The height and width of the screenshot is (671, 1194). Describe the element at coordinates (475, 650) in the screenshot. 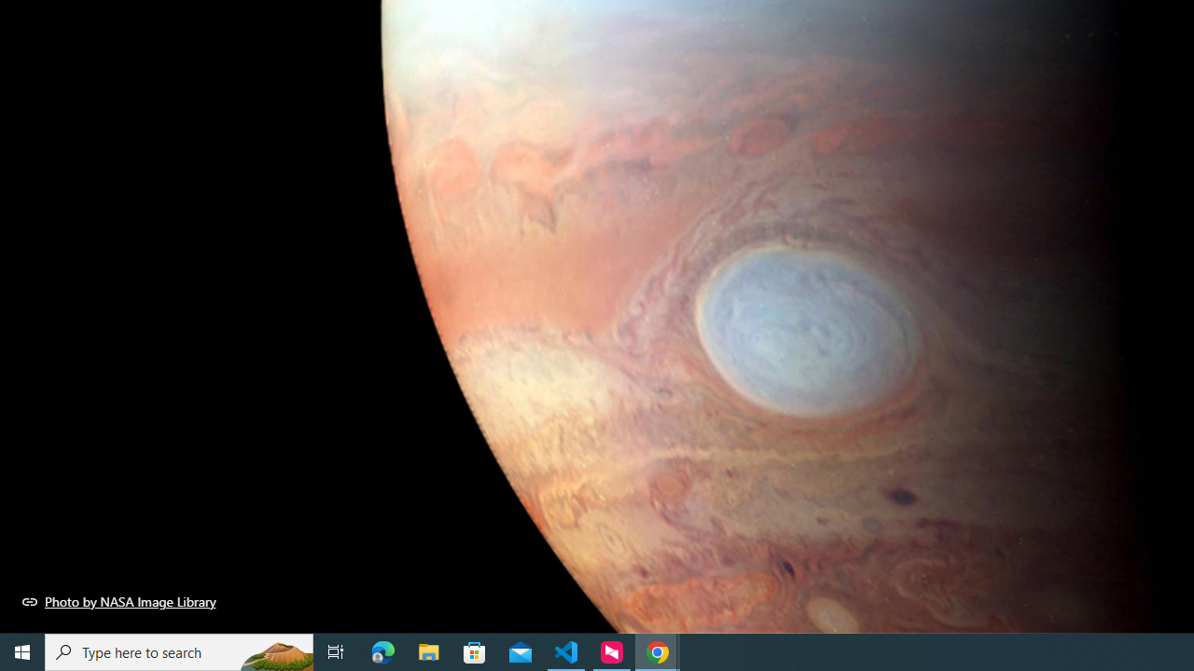

I see `'Microsoft Store'` at that location.